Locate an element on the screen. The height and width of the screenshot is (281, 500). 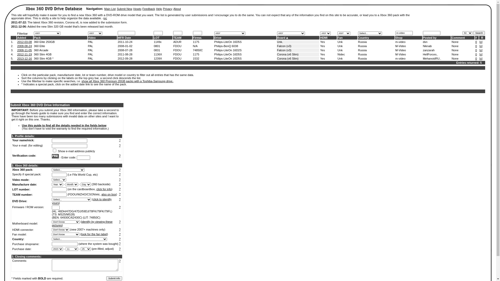
'HDMI' is located at coordinates (320, 37).